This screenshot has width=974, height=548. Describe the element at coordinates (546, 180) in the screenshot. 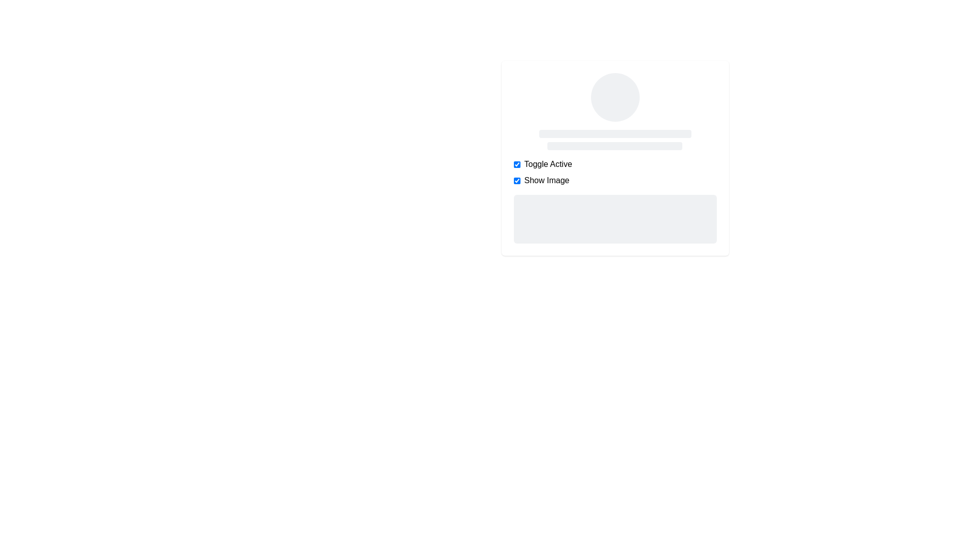

I see `the descriptive text label indicating the function of the checkbox for displaying images, located to the right of the checkbox in the lower region of the card-like UI component` at that location.